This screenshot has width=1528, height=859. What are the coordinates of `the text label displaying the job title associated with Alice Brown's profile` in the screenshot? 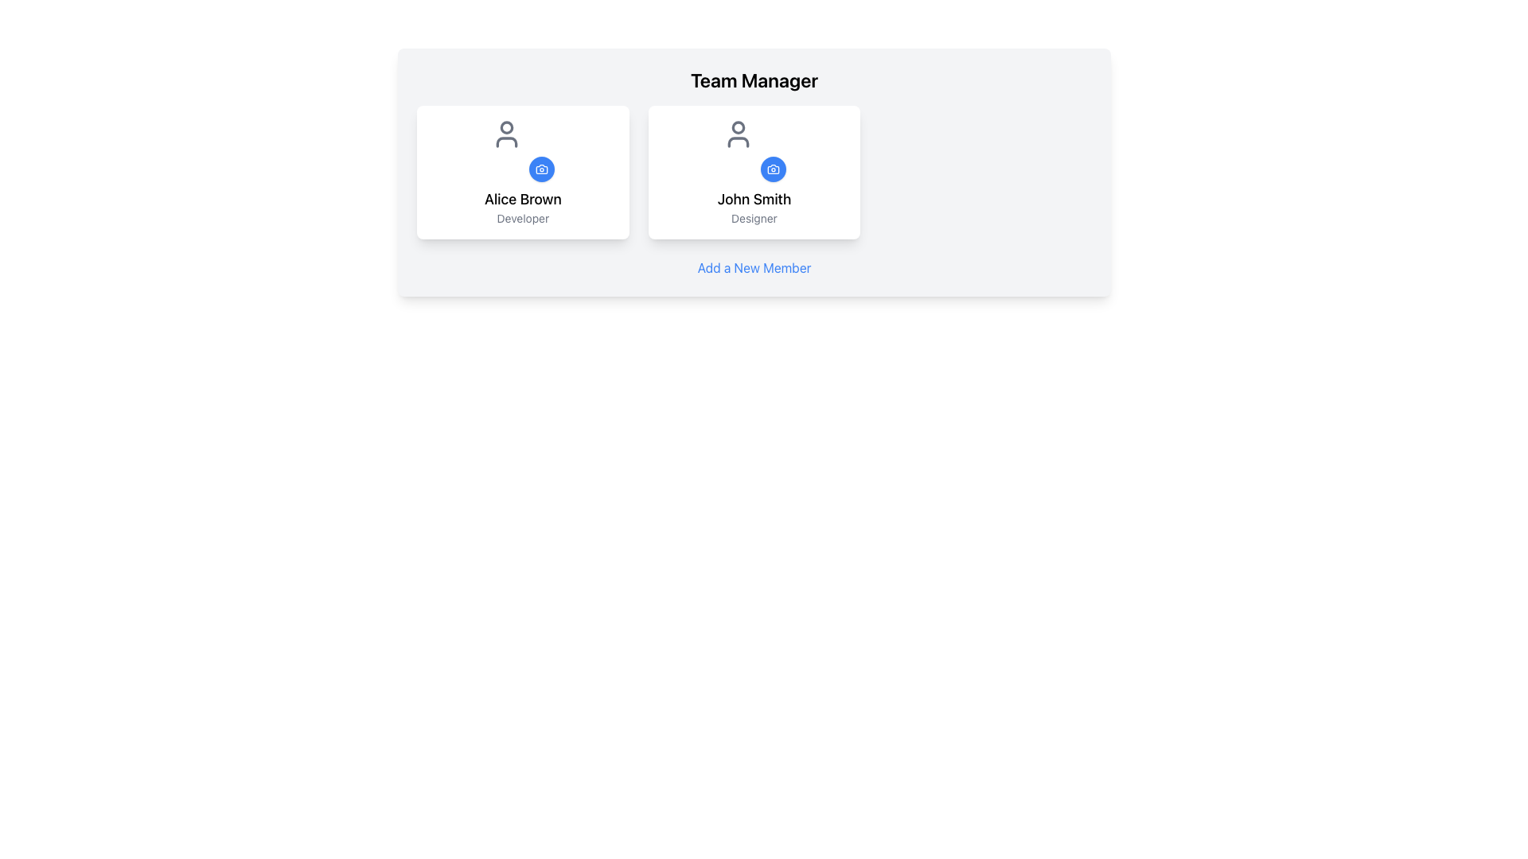 It's located at (523, 218).